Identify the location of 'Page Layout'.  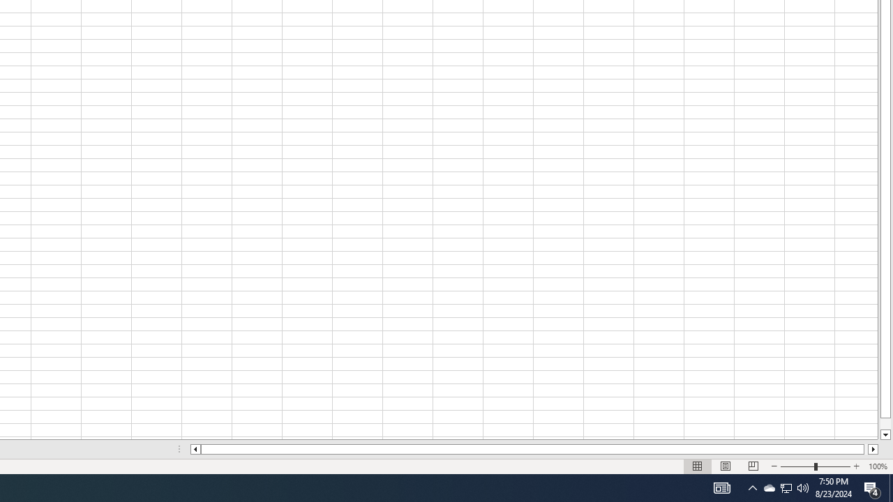
(726, 466).